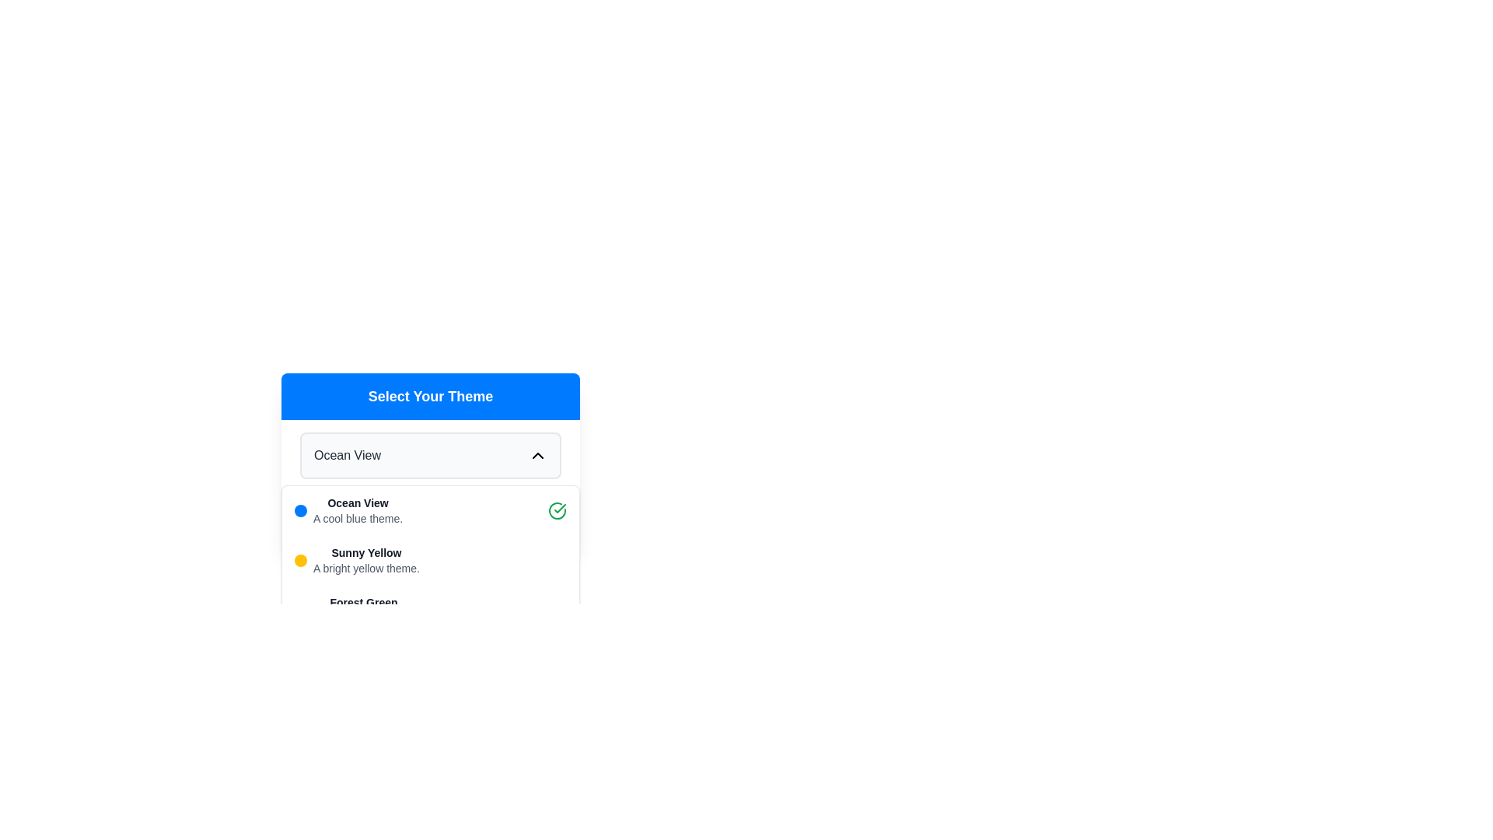 This screenshot has height=840, width=1493. Describe the element at coordinates (430, 395) in the screenshot. I see `the header element with the text 'Select Your Theme', which is styled with a white font color on a bold blue background and located centrally at the top of a section` at that location.